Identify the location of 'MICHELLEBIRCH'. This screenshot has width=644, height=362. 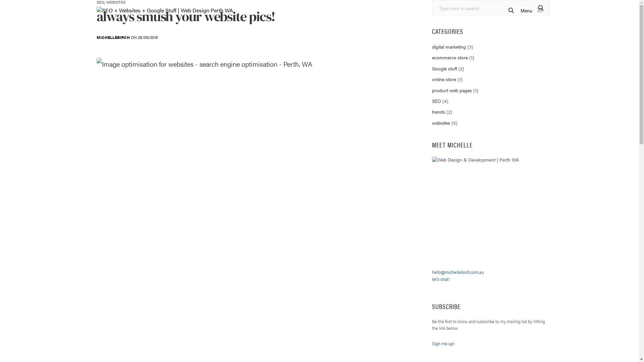
(113, 37).